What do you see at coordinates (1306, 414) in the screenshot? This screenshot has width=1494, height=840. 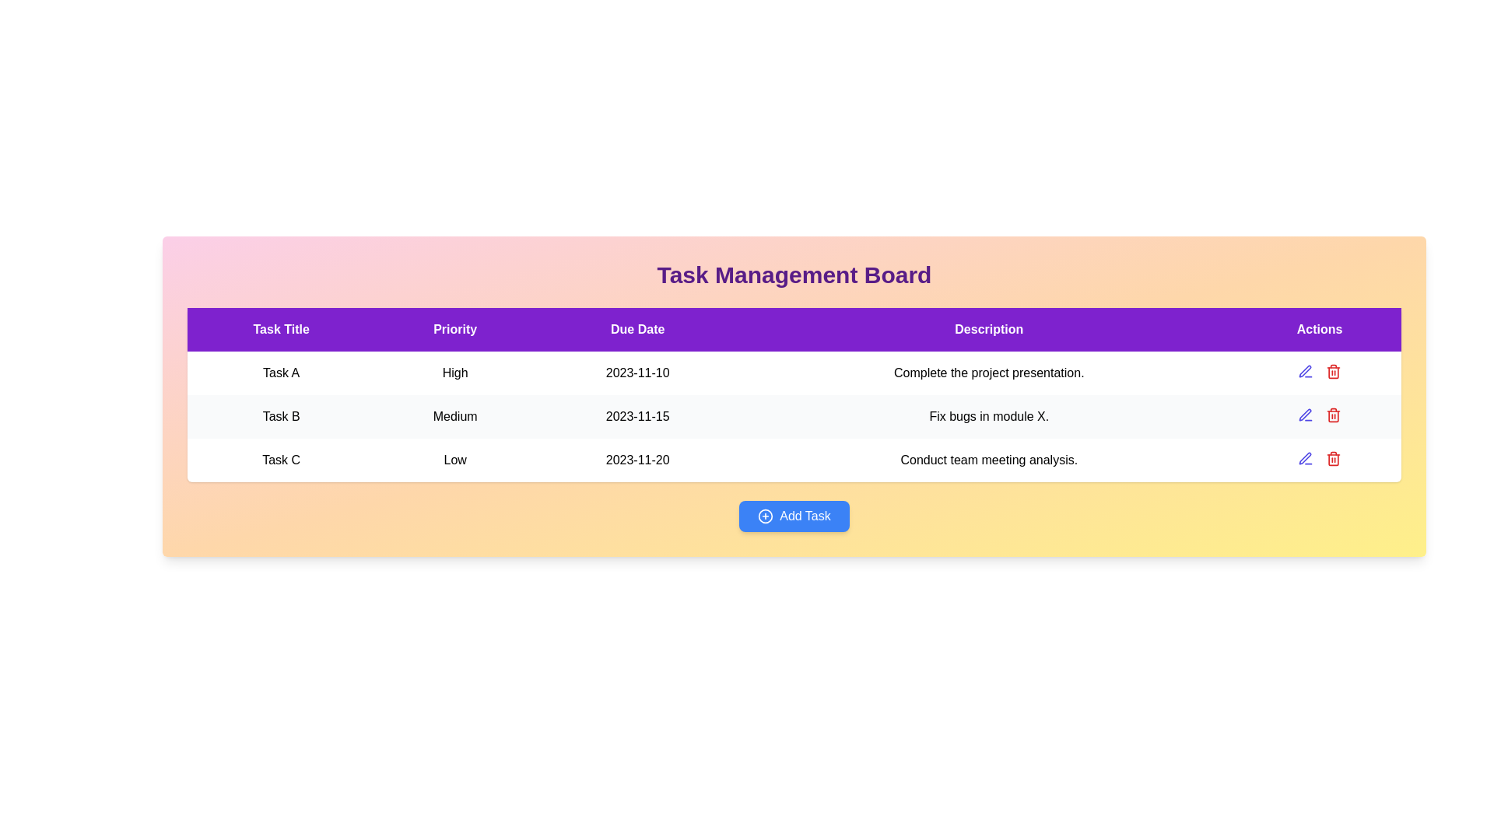 I see `the blue pen icon in the 'Actions' column, which signifies an edit action for 'Task B'` at bounding box center [1306, 414].